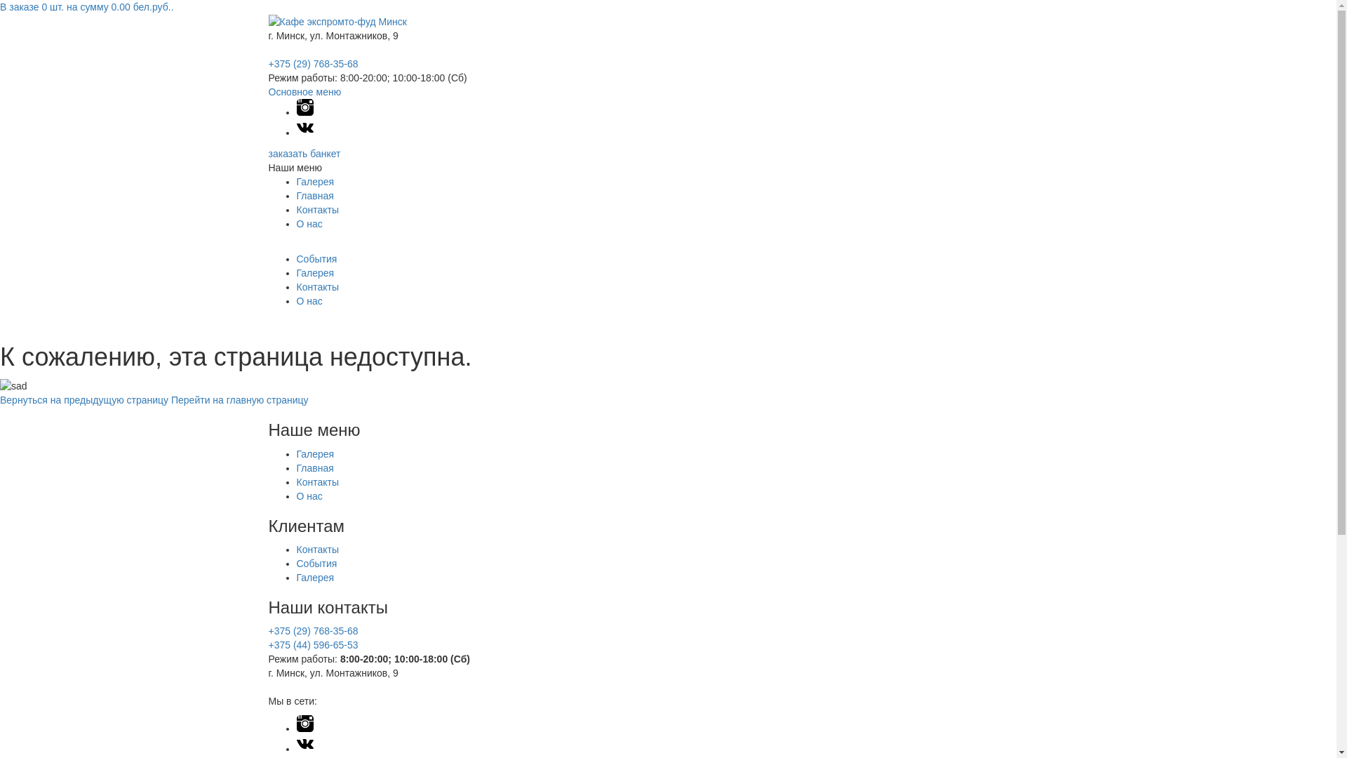 This screenshot has width=1347, height=758. I want to click on '+375 (44) 596-65-53', so click(312, 644).